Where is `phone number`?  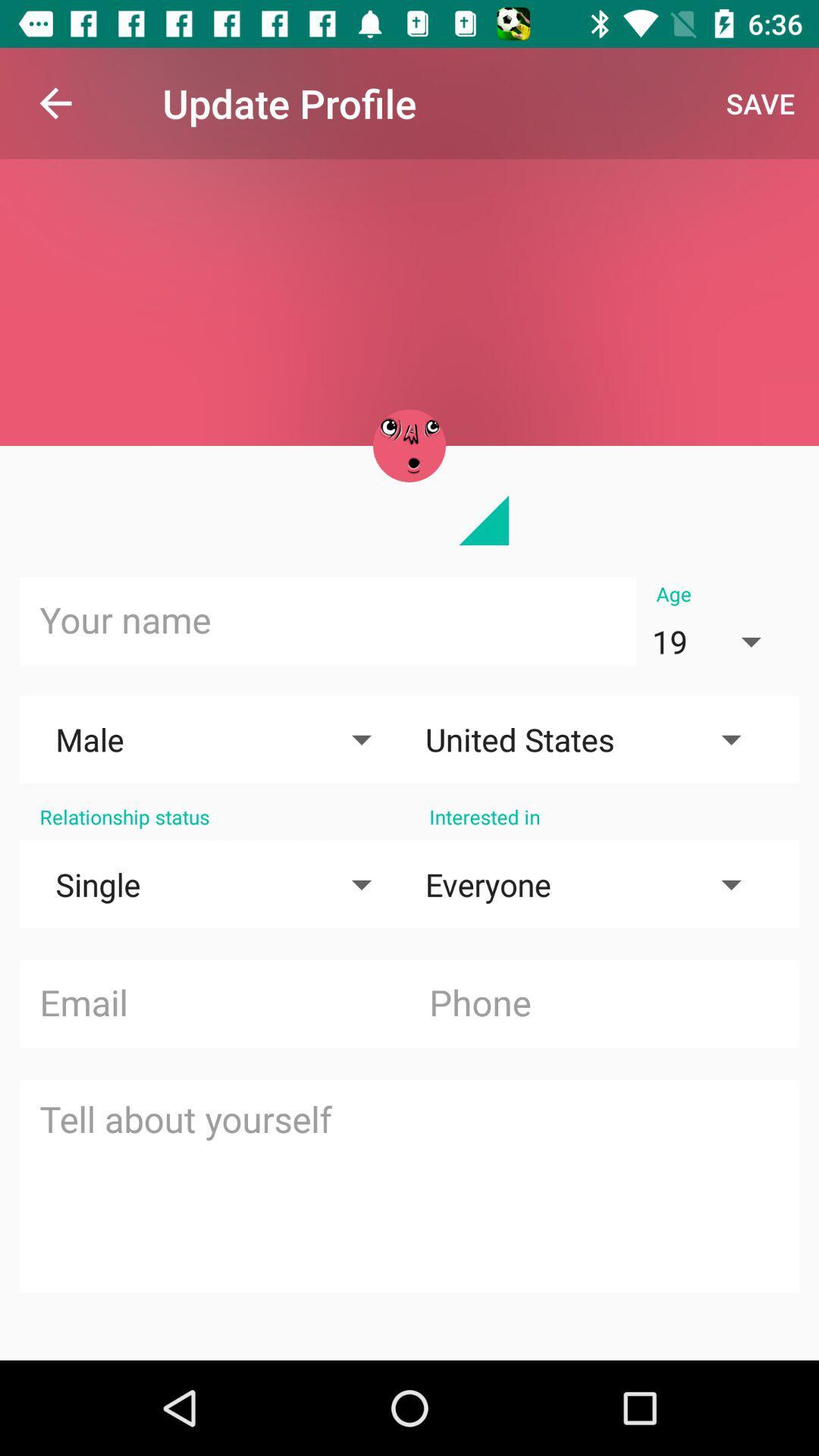
phone number is located at coordinates (603, 1004).